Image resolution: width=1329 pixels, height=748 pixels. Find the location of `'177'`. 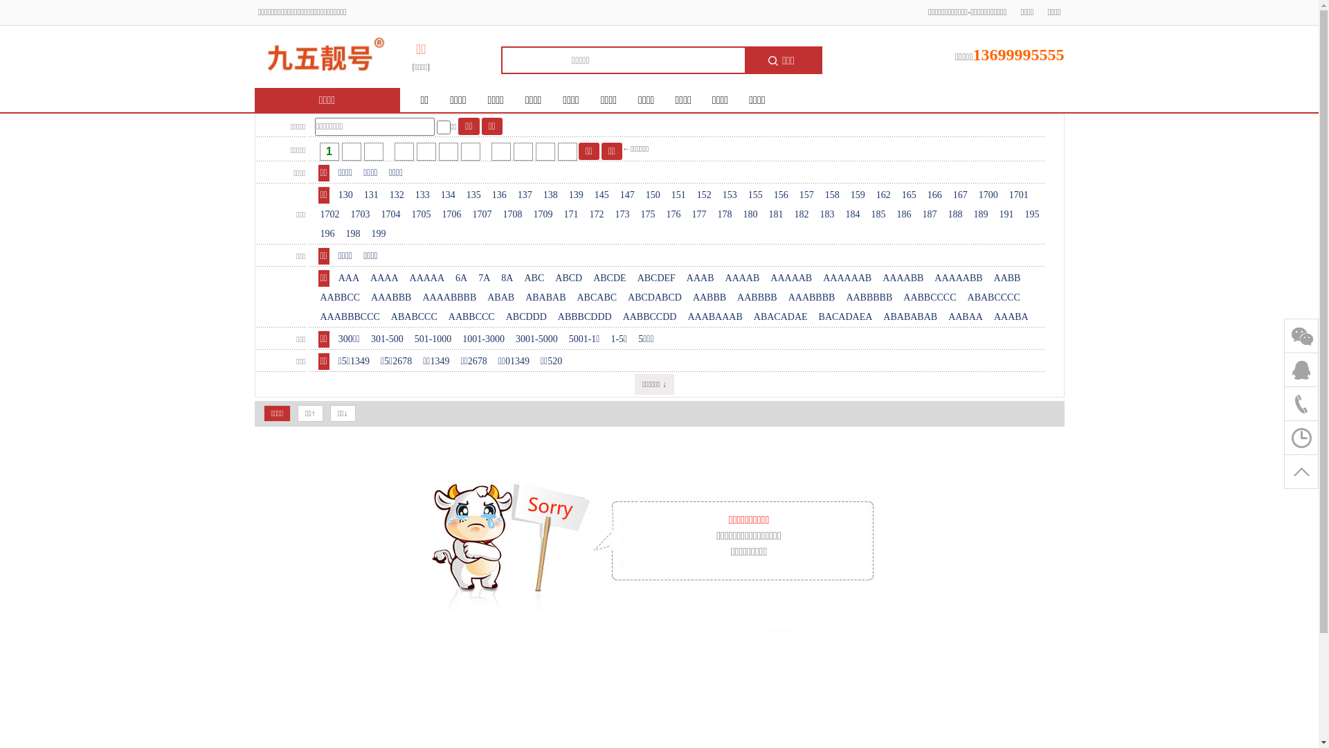

'177' is located at coordinates (698, 214).